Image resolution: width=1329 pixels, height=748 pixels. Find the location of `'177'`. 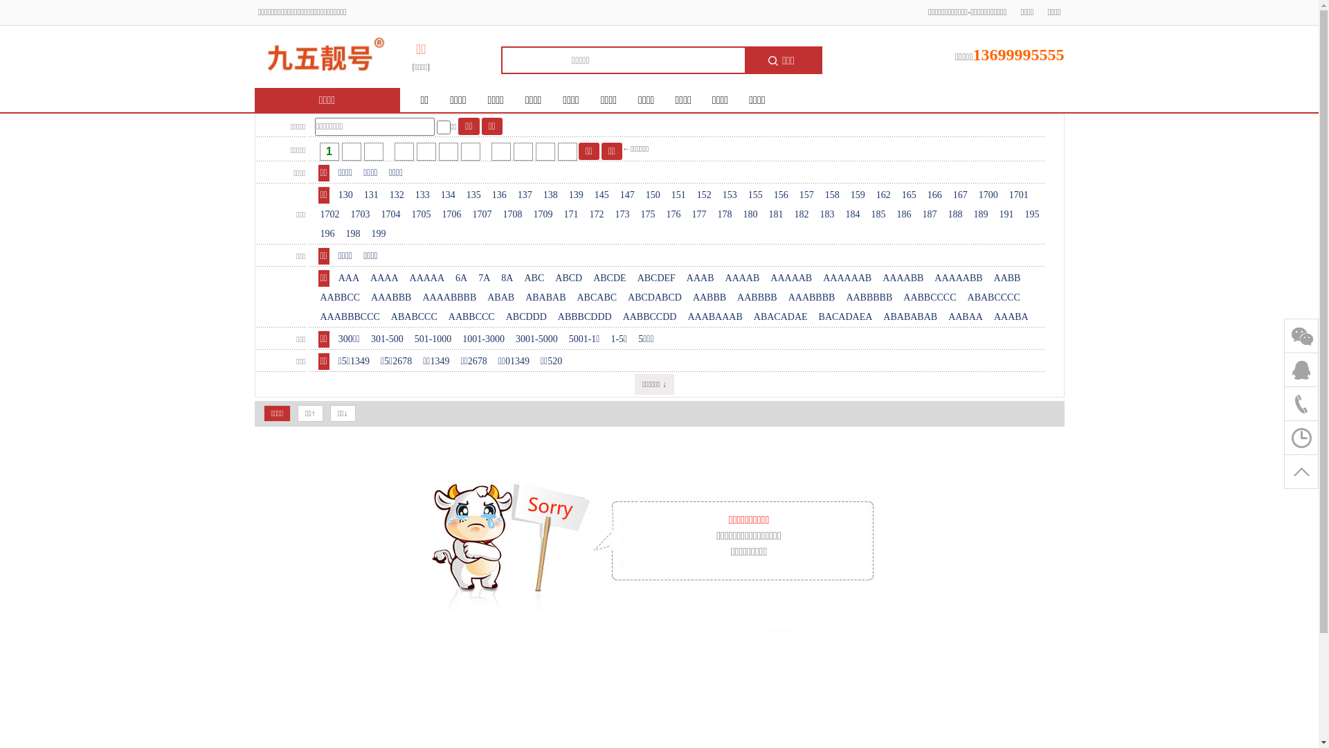

'177' is located at coordinates (698, 214).